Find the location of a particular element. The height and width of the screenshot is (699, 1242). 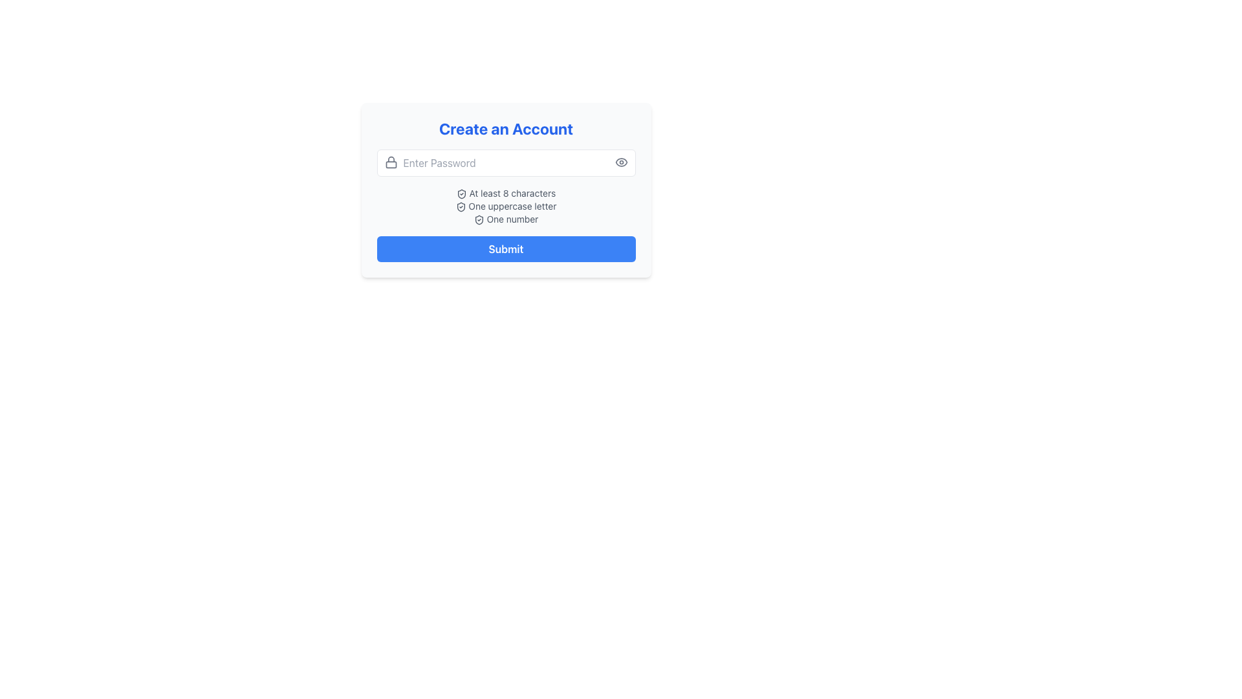

the password visibility toggle icon located to the right of the password input field in the 'Create an Account' dialog box is located at coordinates (621, 161).